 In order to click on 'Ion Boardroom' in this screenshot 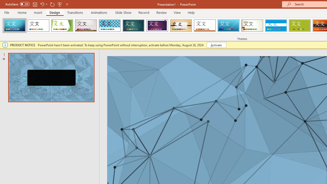, I will do `click(157, 26)`.